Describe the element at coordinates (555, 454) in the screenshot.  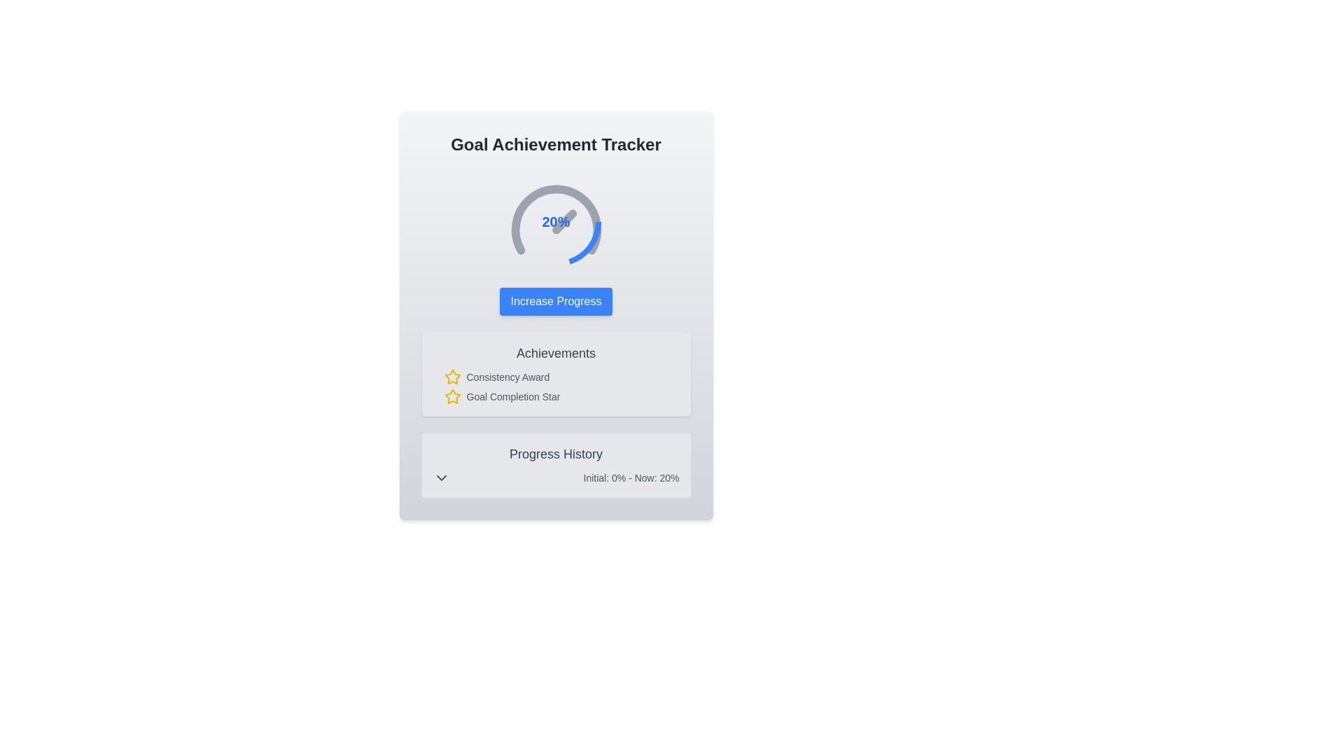
I see `header text summarizing historical progress information located above the text 'Initial: 0% - Now: 20%' within the gray rounded section` at that location.